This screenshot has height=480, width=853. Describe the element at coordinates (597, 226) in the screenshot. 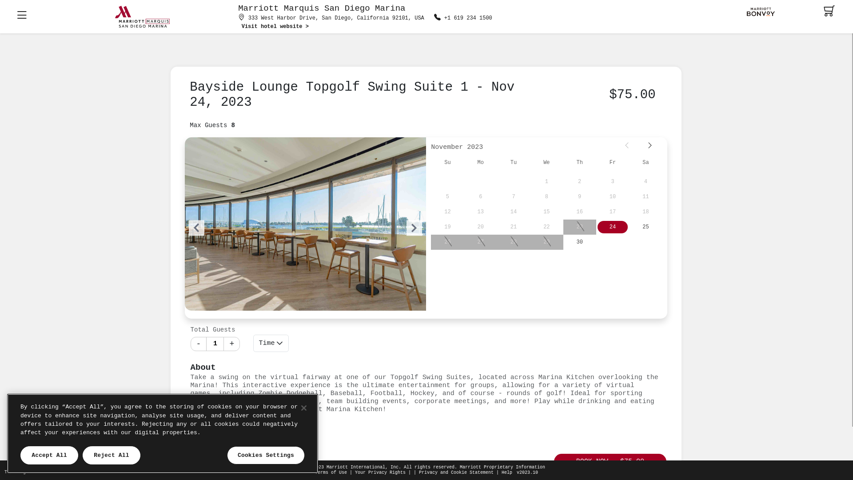

I see `'24'` at that location.